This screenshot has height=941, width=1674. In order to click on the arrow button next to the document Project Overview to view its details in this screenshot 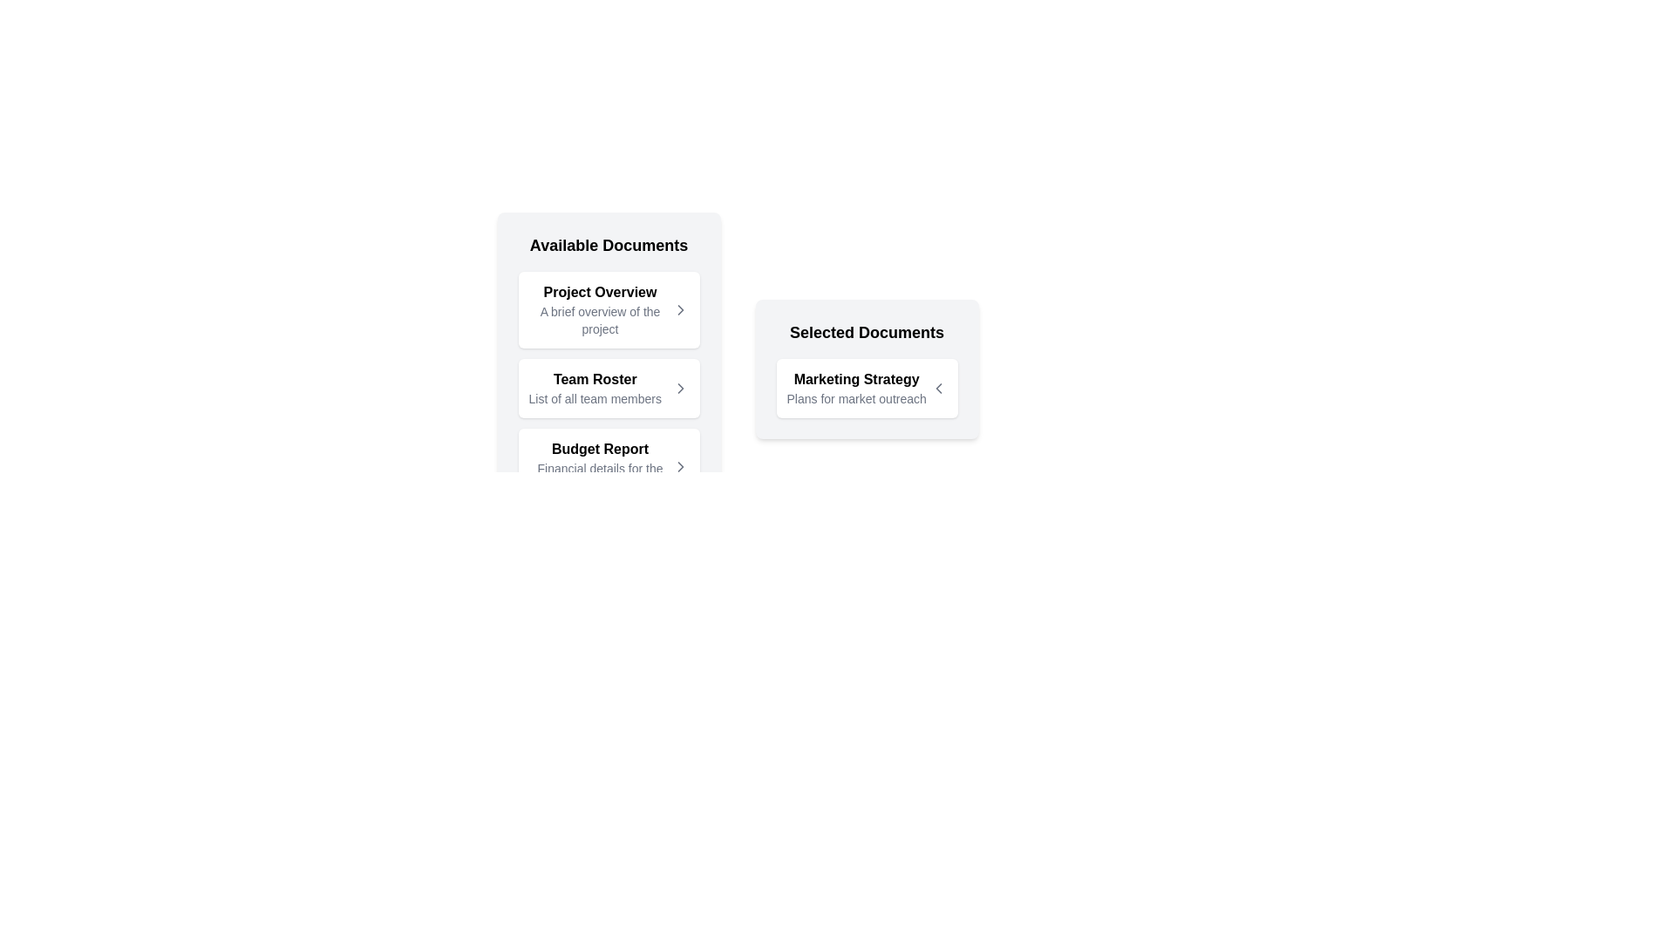, I will do `click(679, 308)`.